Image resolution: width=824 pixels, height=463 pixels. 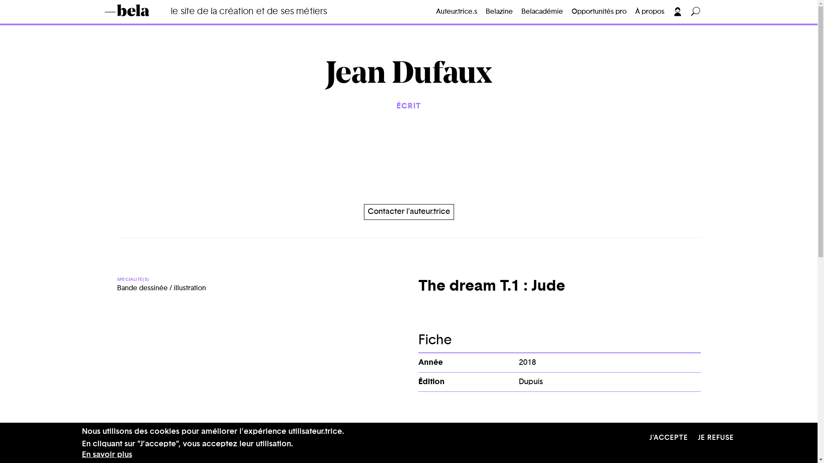 I want to click on 'Auteur.trice.s', so click(x=456, y=12).